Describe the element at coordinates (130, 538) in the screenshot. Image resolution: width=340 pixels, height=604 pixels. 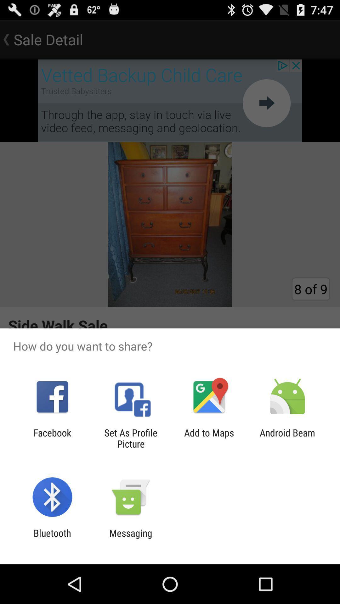
I see `the messaging icon` at that location.